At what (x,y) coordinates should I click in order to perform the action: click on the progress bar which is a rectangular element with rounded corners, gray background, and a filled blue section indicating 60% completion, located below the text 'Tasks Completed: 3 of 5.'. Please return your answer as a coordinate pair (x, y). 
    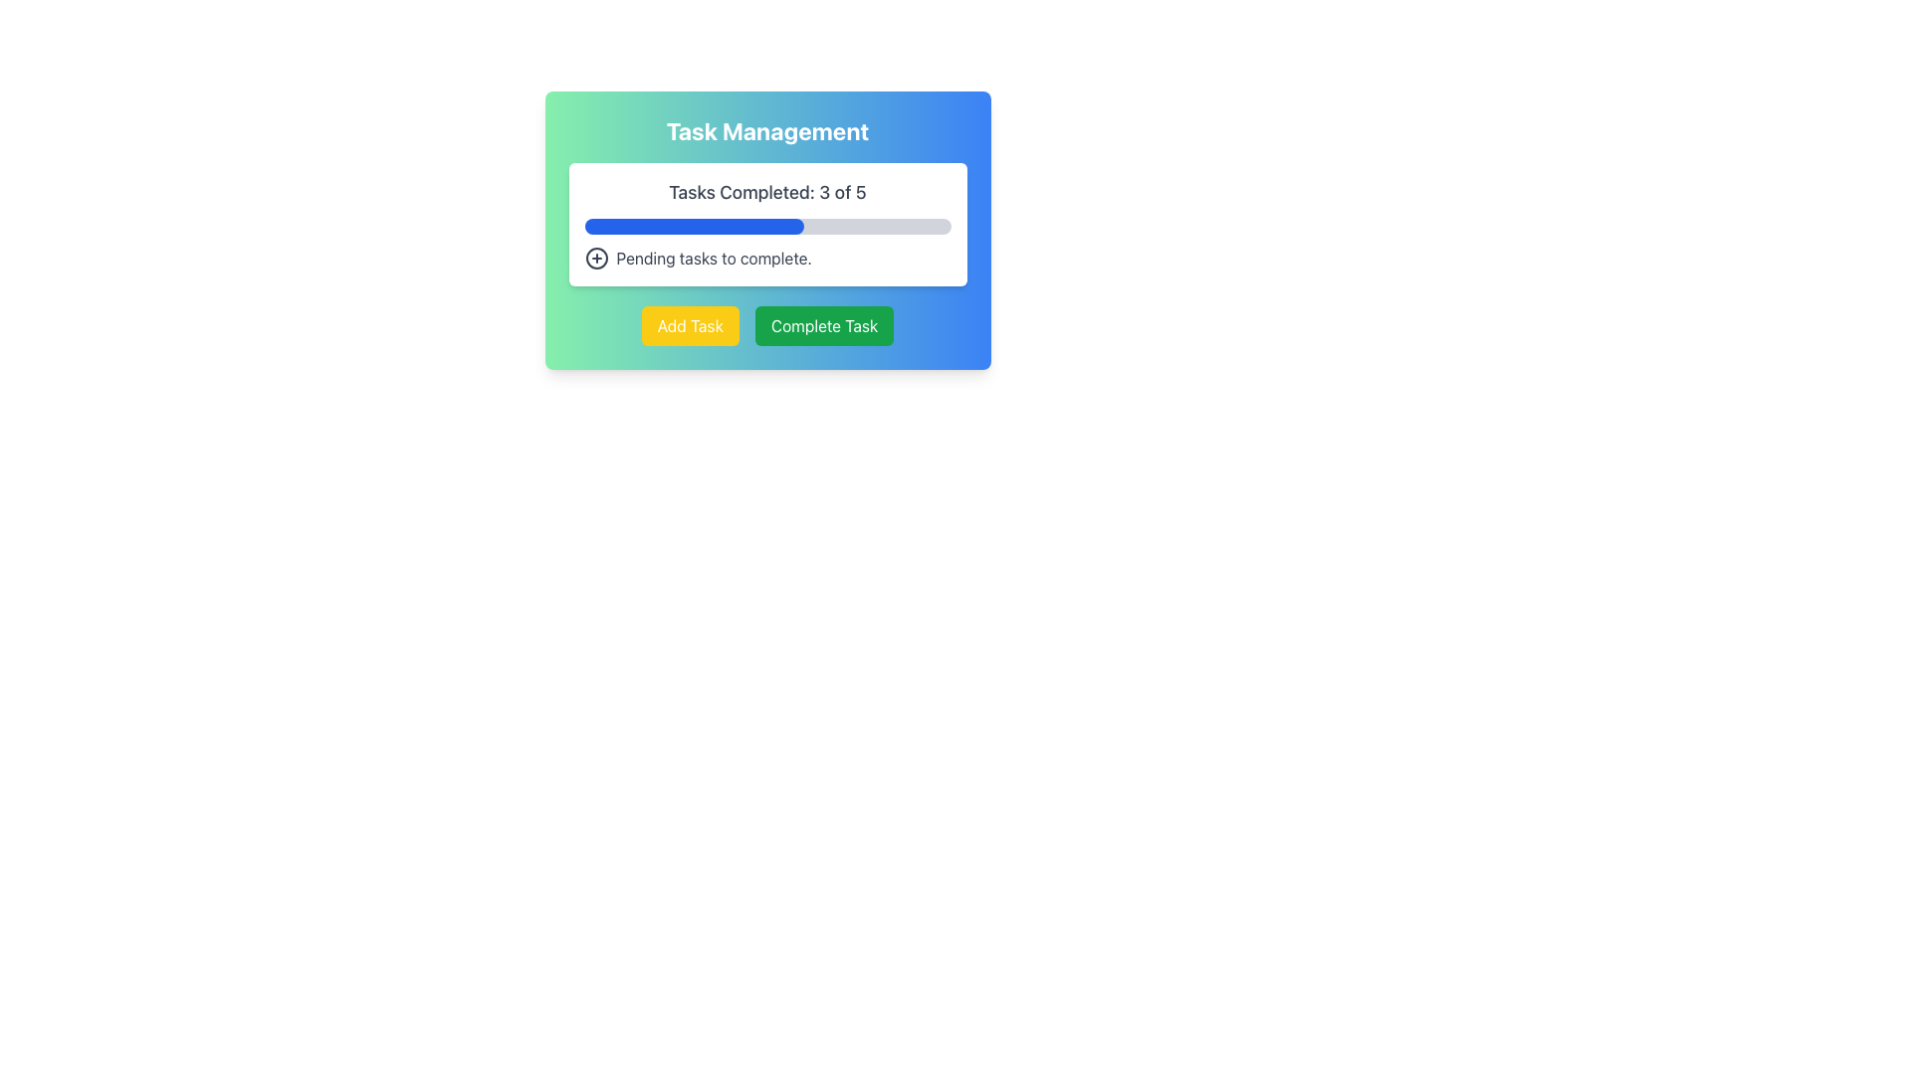
    Looking at the image, I should click on (766, 225).